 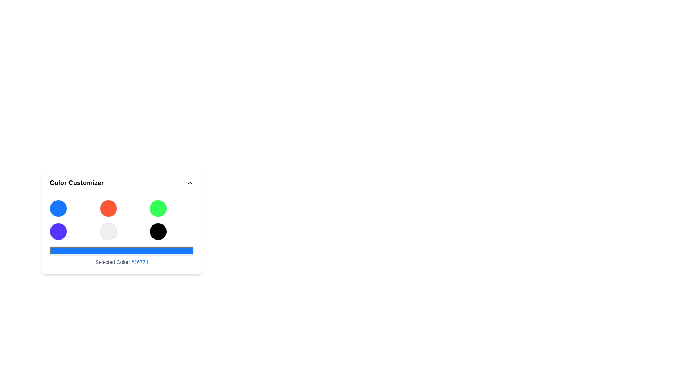 What do you see at coordinates (108, 232) in the screenshot?
I see `the circular button with a light gray background and gray border located in the second row and second column of a color selection interface grid` at bounding box center [108, 232].